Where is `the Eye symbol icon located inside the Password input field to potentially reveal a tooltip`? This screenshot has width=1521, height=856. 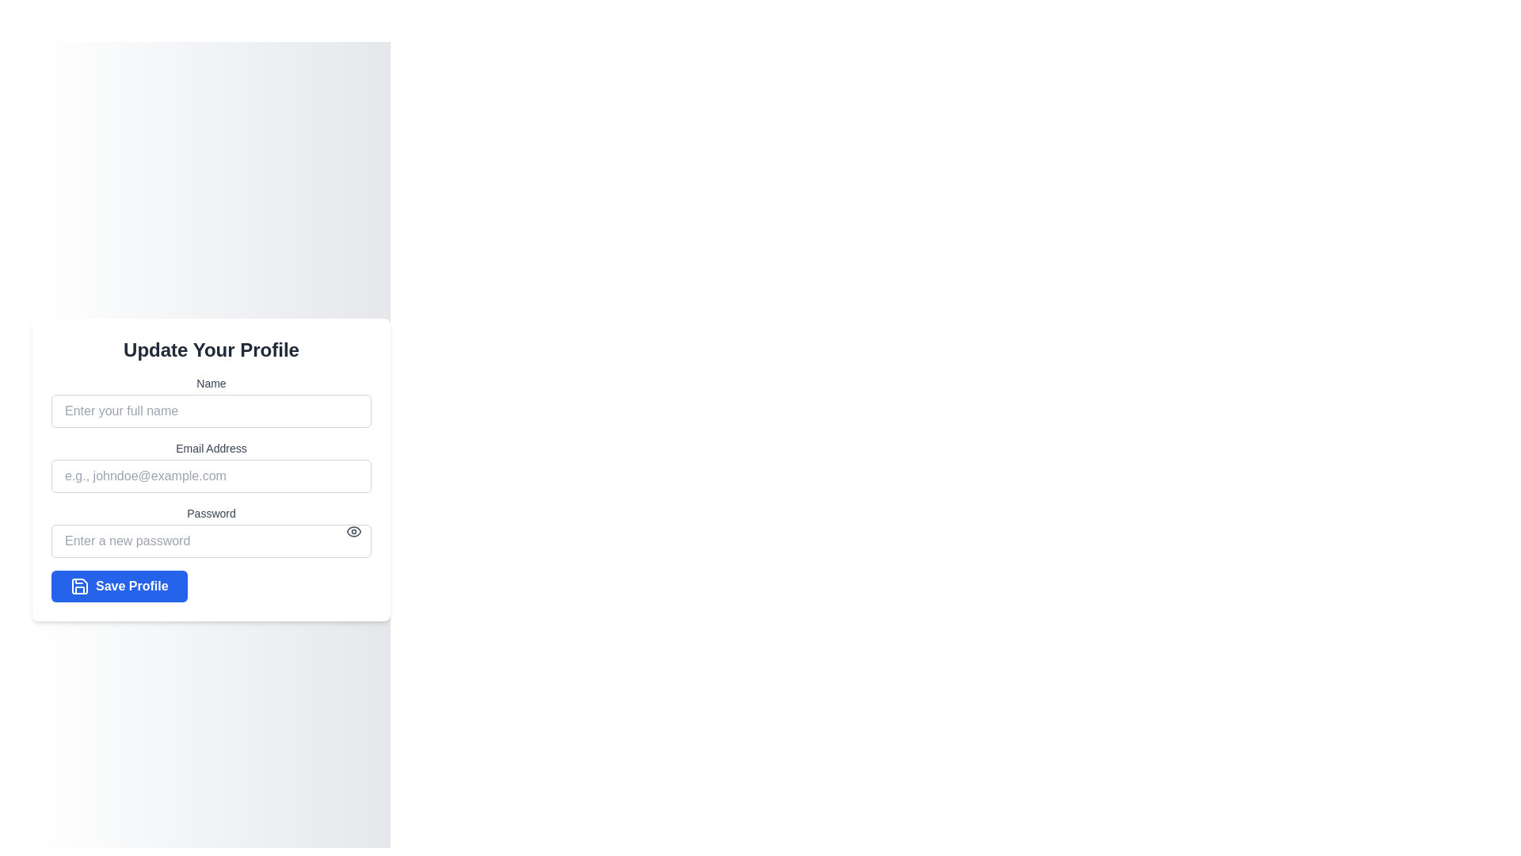 the Eye symbol icon located inside the Password input field to potentially reveal a tooltip is located at coordinates (353, 532).